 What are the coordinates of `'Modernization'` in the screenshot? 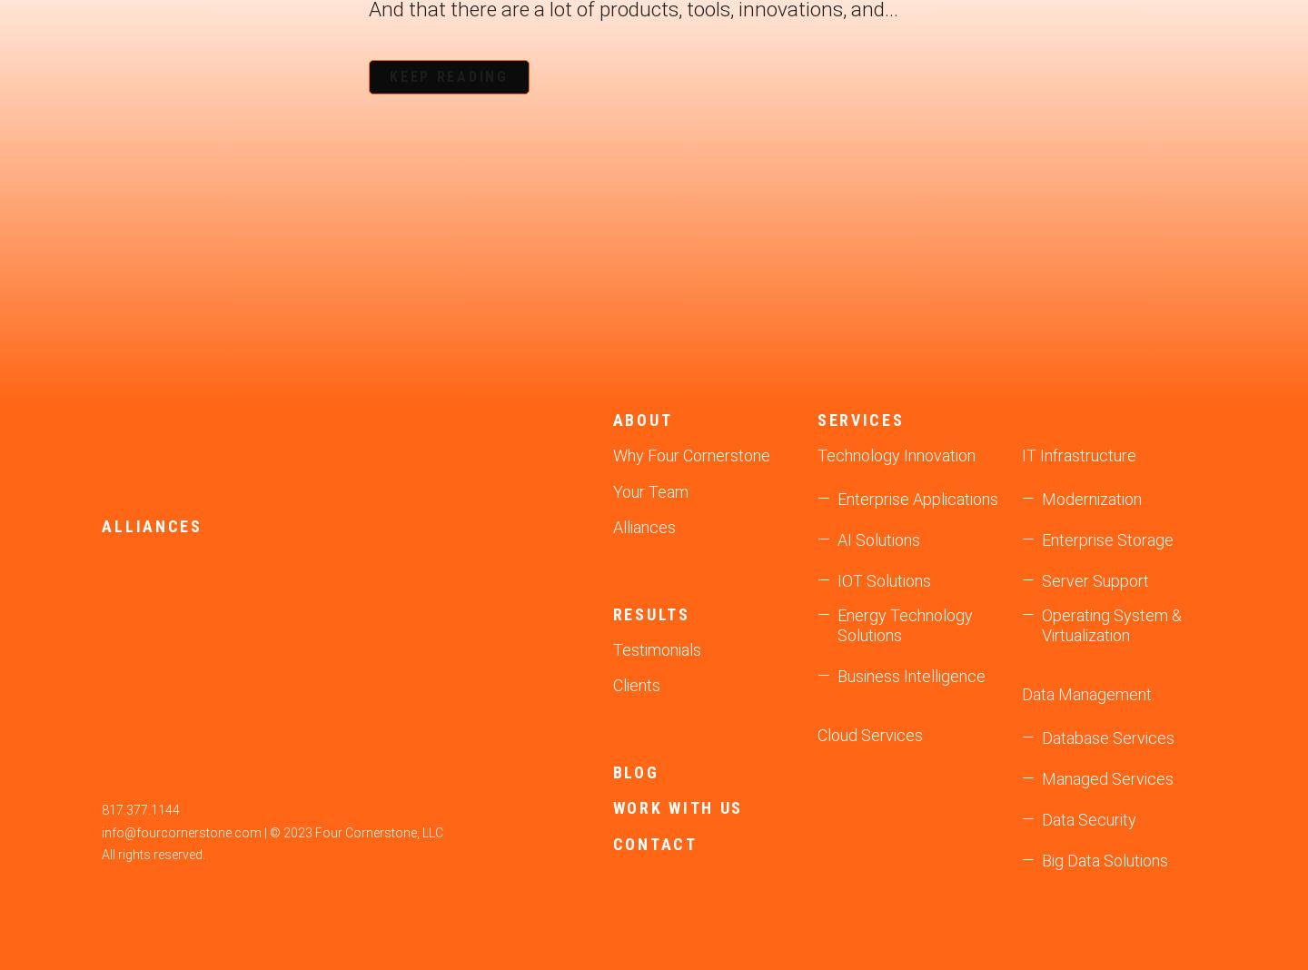 It's located at (1041, 497).